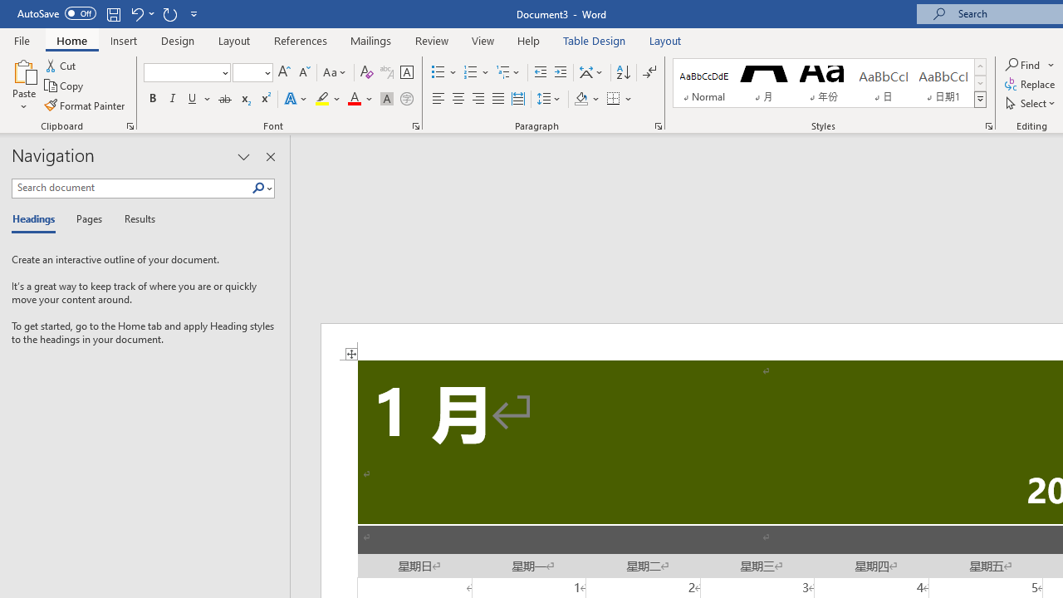  Describe the element at coordinates (242, 157) in the screenshot. I see `'Task Pane Options'` at that location.